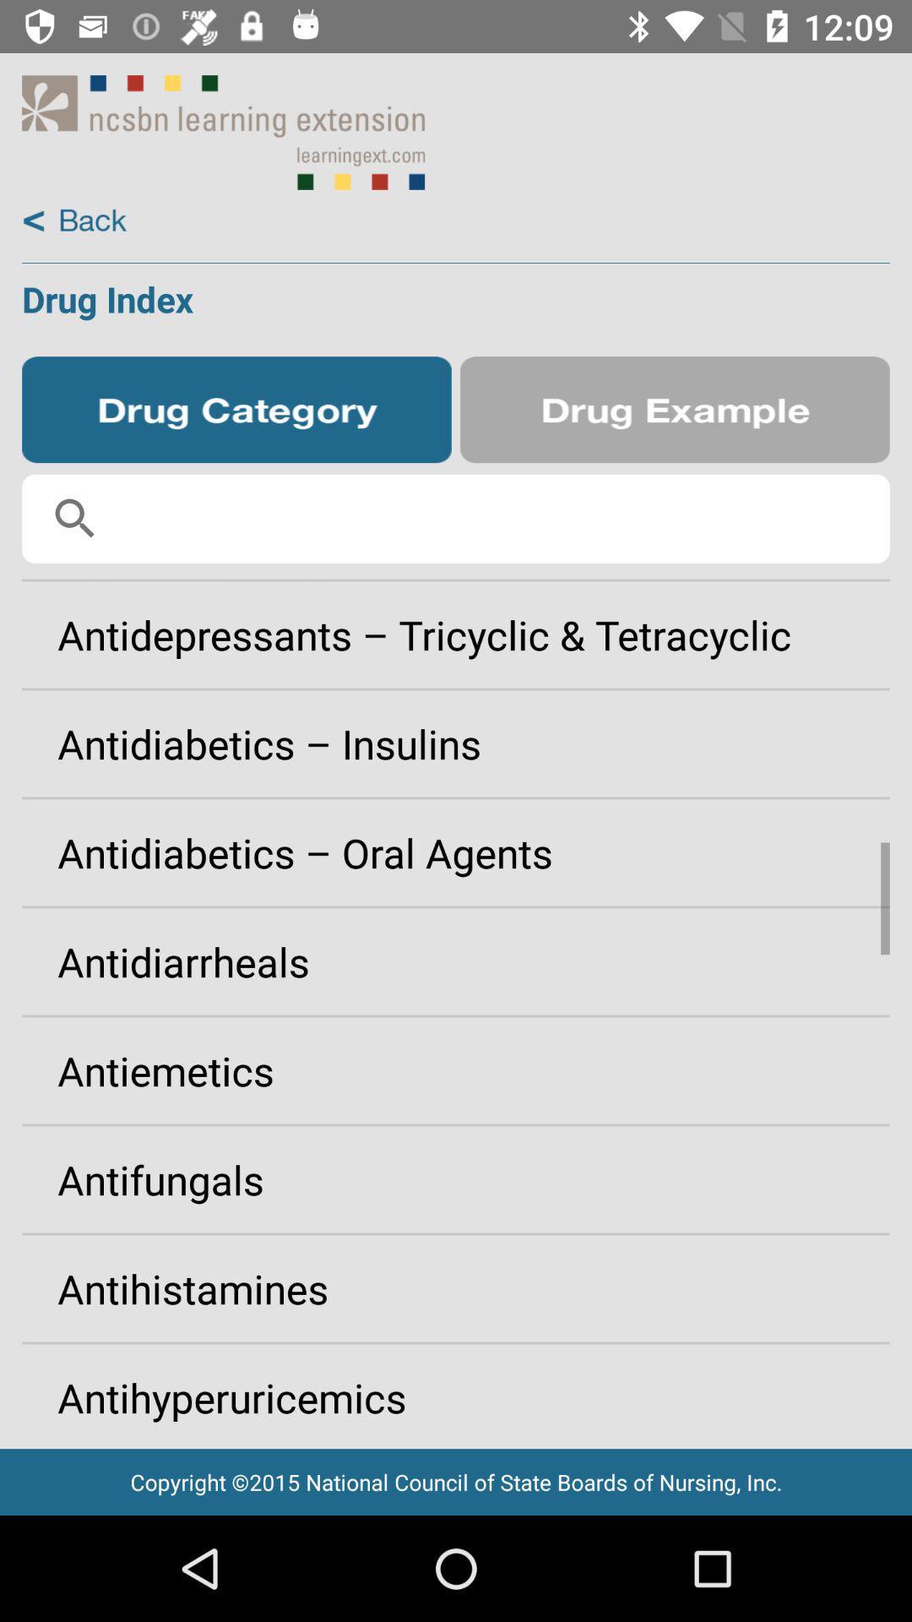  I want to click on item below the antidiarrheals item, so click(456, 1070).